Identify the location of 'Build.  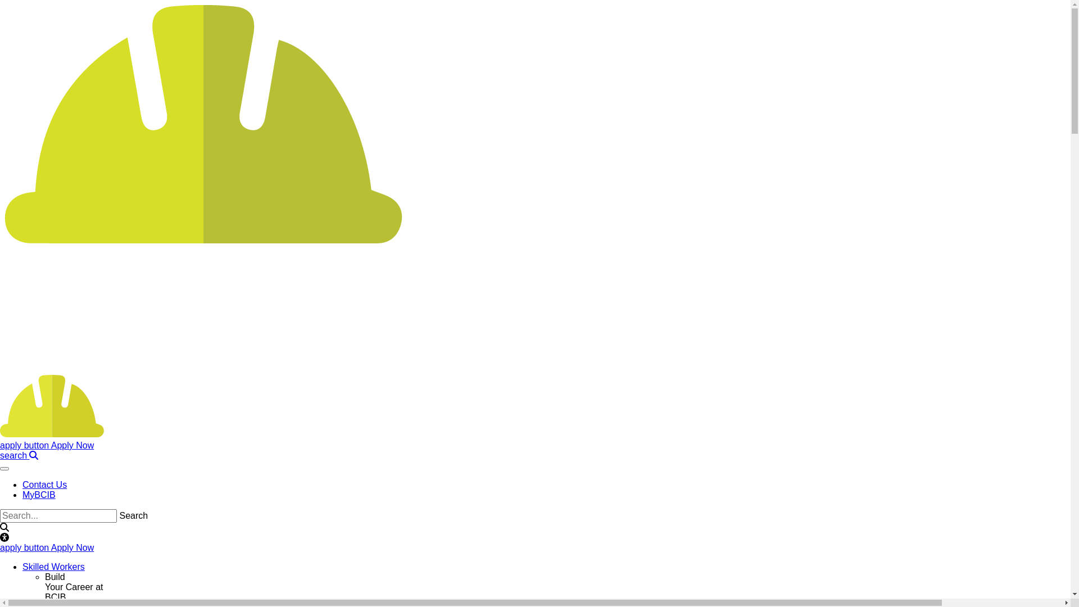
(73, 586).